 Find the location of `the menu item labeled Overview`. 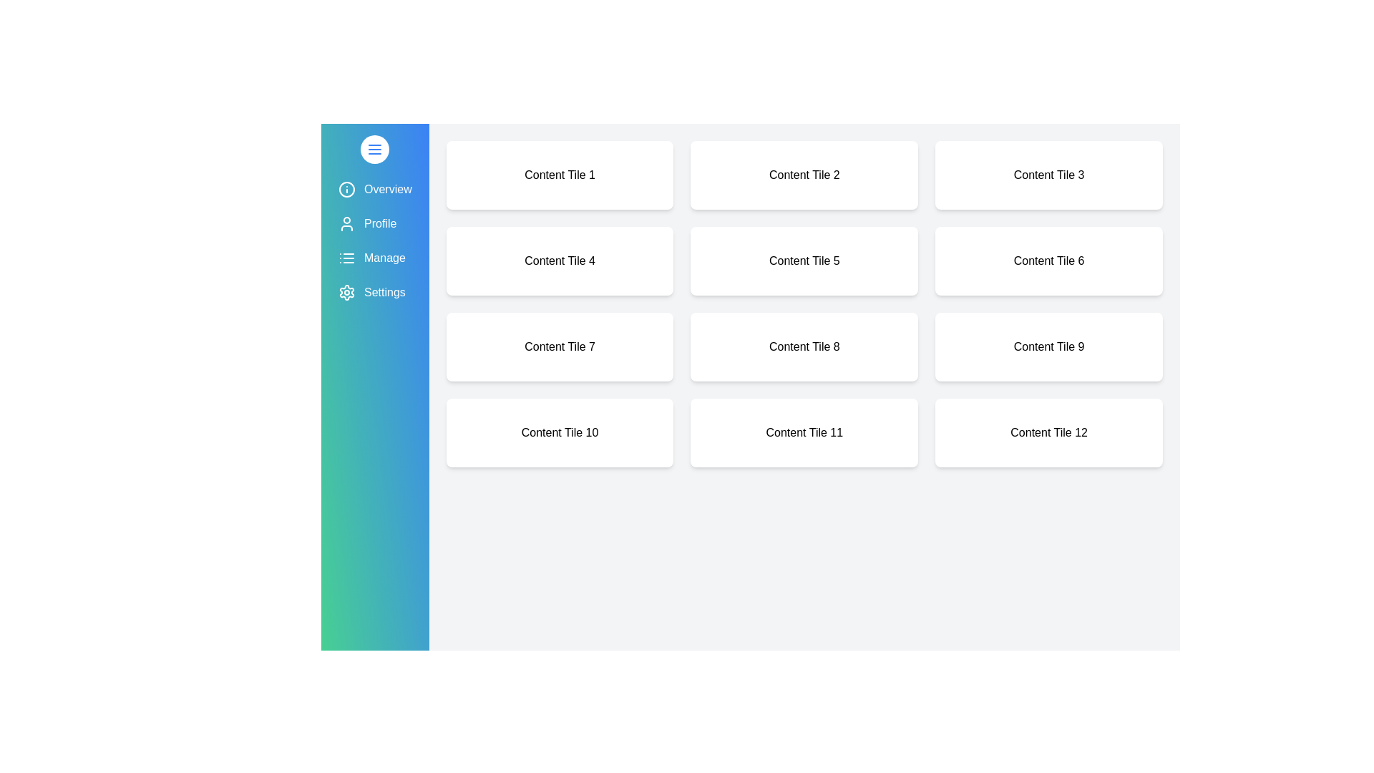

the menu item labeled Overview is located at coordinates (375, 189).